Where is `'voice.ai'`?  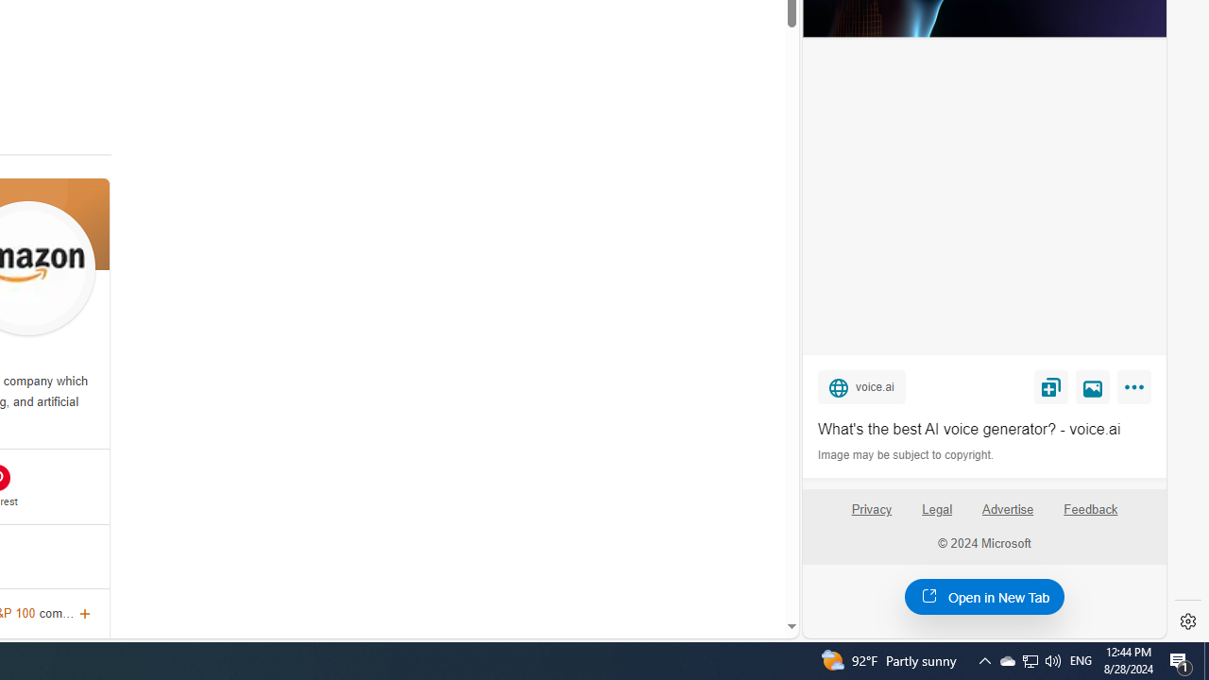 'voice.ai' is located at coordinates (860, 385).